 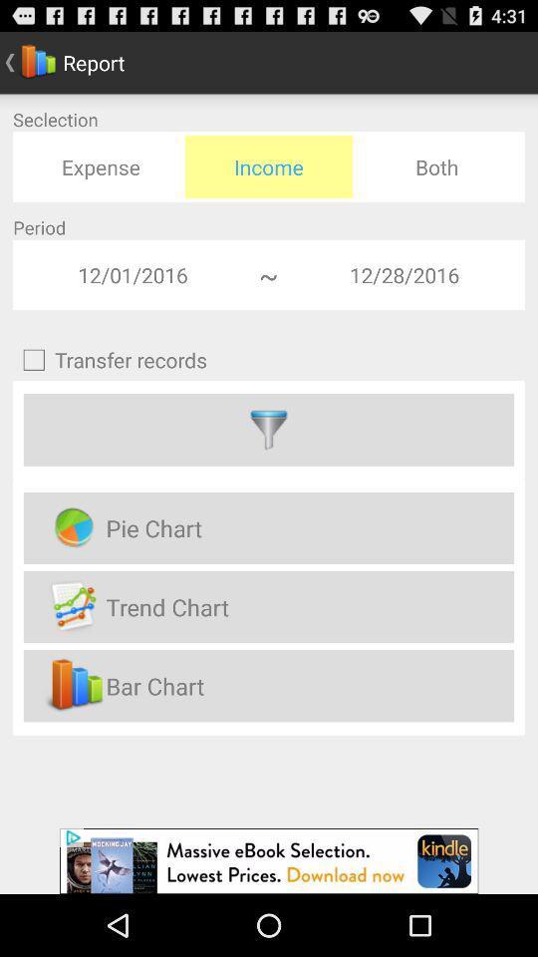 What do you see at coordinates (269, 430) in the screenshot?
I see `click the transfer record option` at bounding box center [269, 430].